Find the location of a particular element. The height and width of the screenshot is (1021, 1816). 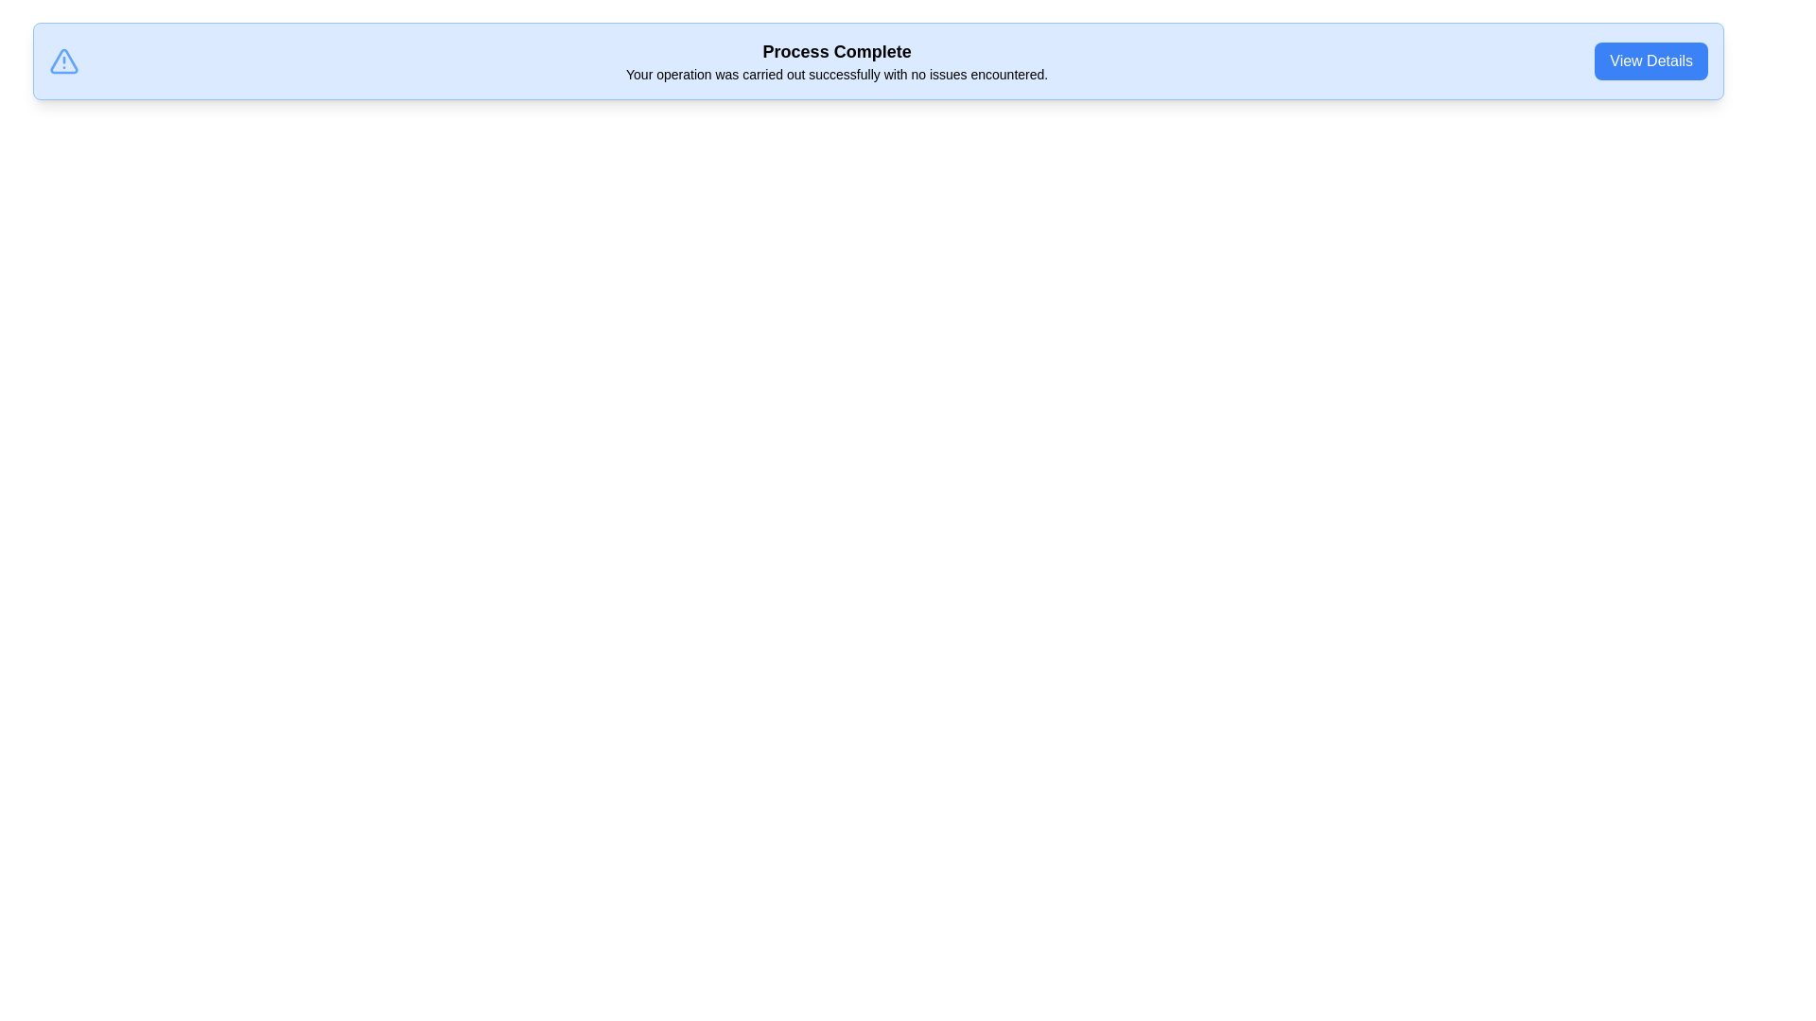

the 'View Details' button to observe the hover effect is located at coordinates (1650, 61).